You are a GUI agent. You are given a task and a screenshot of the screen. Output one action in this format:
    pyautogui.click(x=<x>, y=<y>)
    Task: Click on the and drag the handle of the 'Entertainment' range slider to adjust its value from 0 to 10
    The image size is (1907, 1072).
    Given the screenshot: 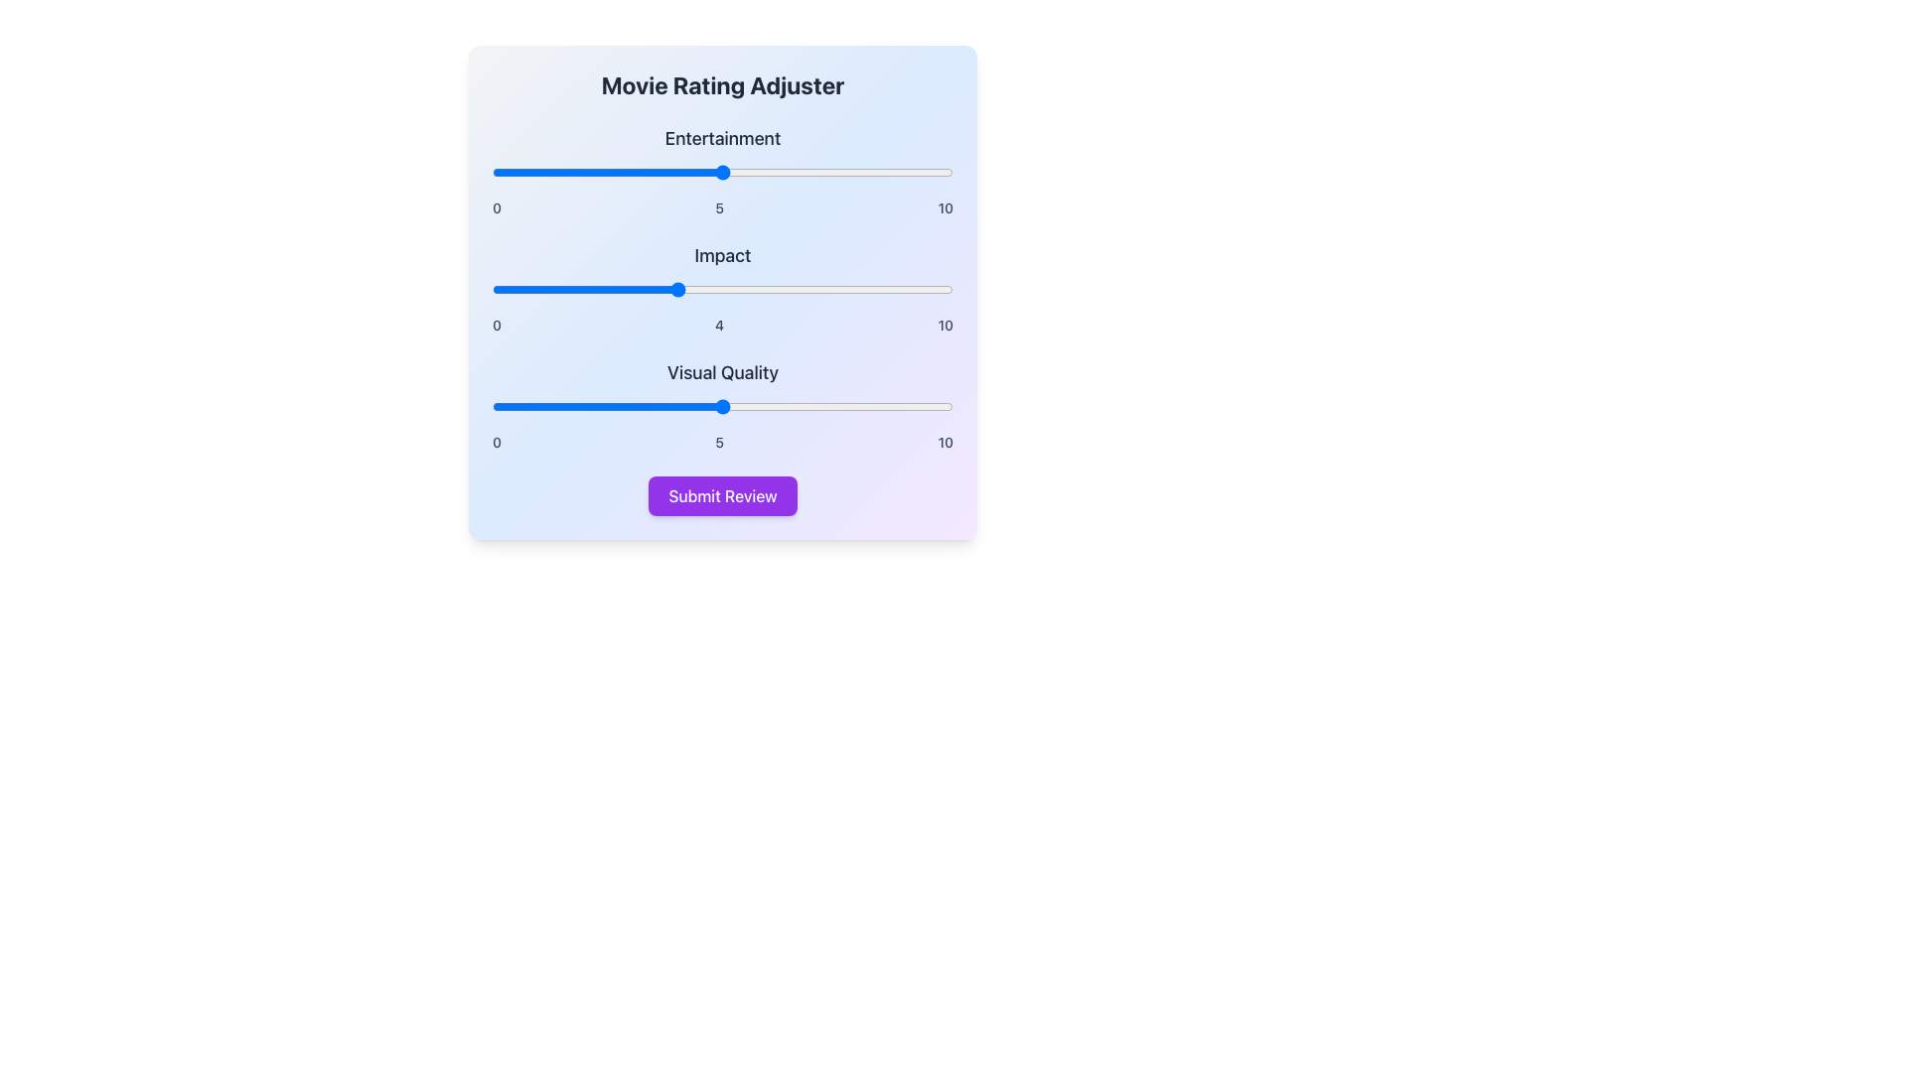 What is the action you would take?
    pyautogui.click(x=722, y=171)
    